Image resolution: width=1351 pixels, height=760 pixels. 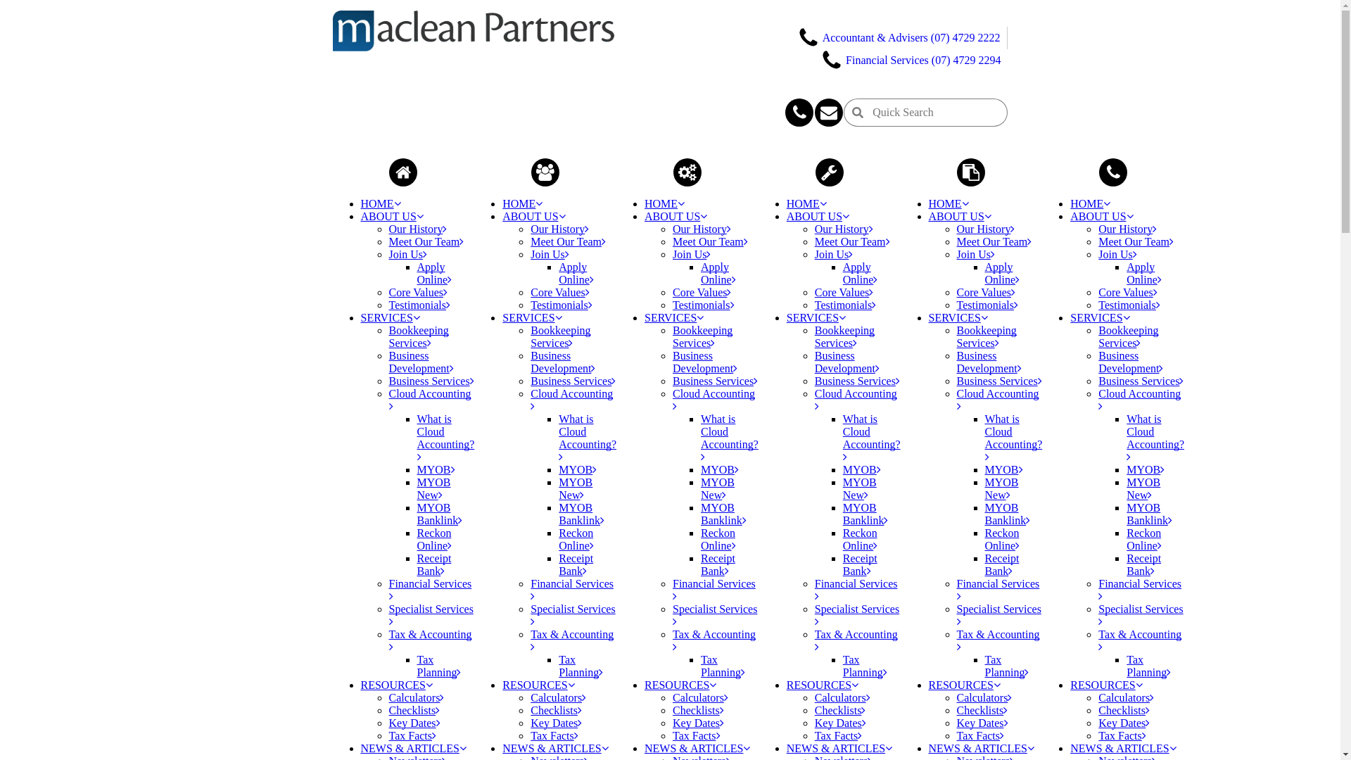 I want to click on 'Tax Facts', so click(x=553, y=735).